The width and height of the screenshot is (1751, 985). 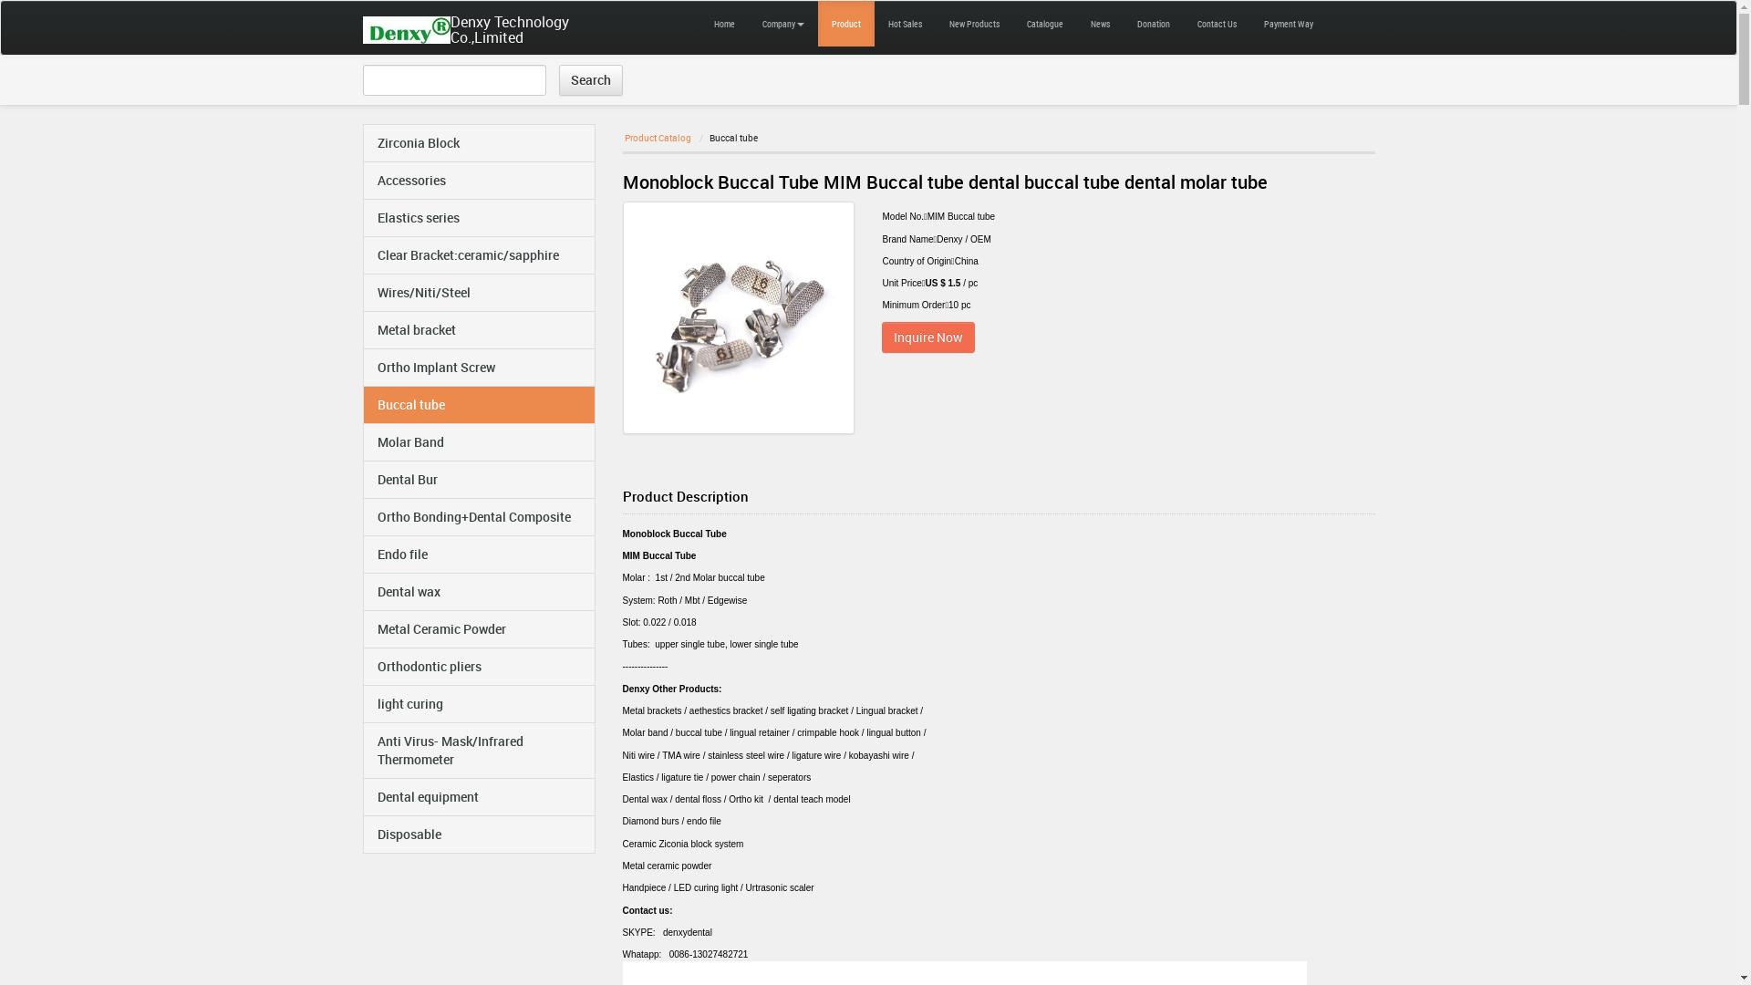 I want to click on 'Clear Bracket:ceramic/sapphire', so click(x=363, y=255).